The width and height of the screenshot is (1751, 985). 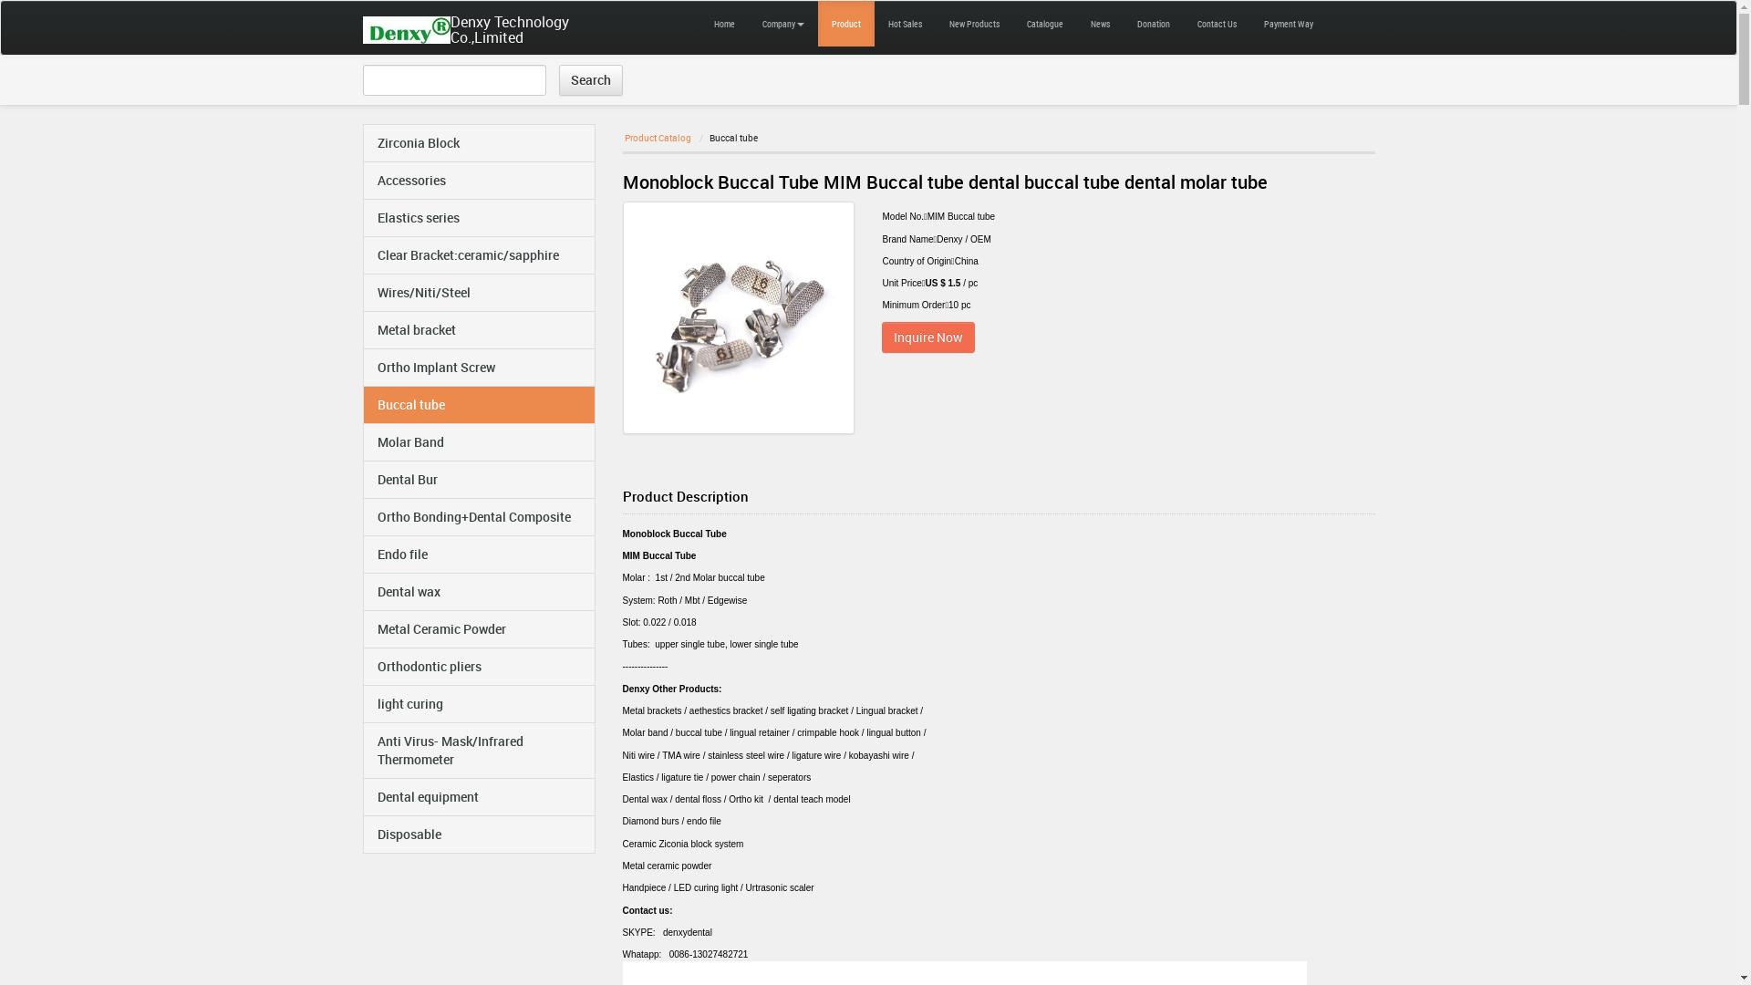 I want to click on 'Clear Bracket:ceramic/sapphire', so click(x=363, y=255).